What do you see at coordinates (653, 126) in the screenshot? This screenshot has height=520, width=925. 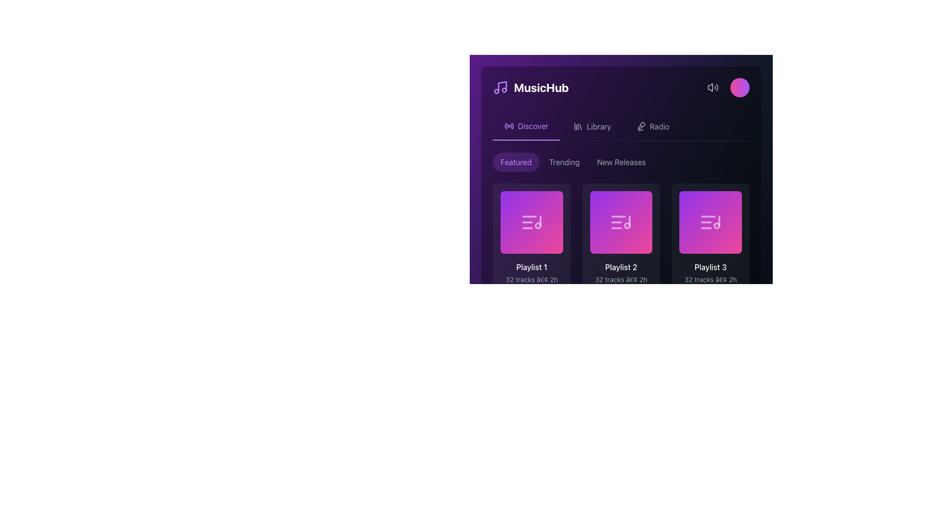 I see `the third option in the horizontal navigation menu, labeled 'Radio', to trigger a color change` at bounding box center [653, 126].